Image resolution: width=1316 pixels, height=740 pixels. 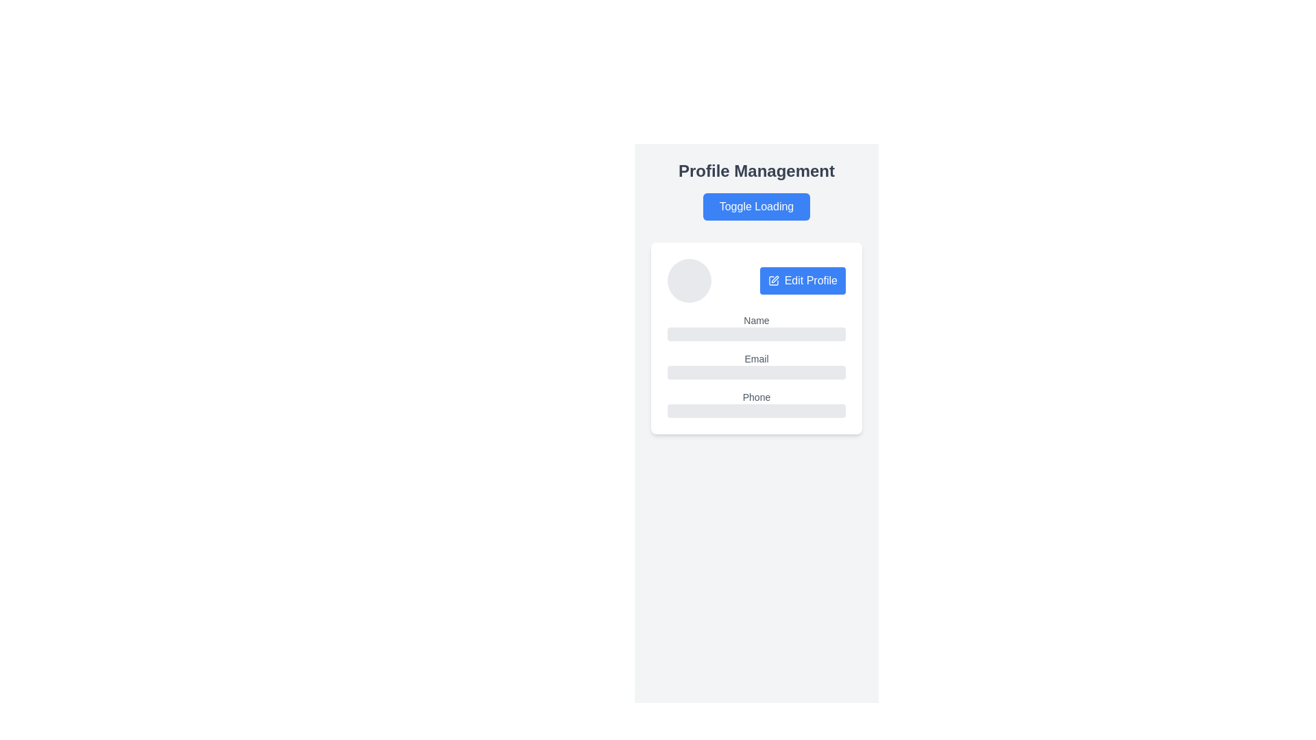 I want to click on the editing icon within the 'Edit Profile' button, which serves as a static visual indicator for profile editing functionality, so click(x=773, y=280).